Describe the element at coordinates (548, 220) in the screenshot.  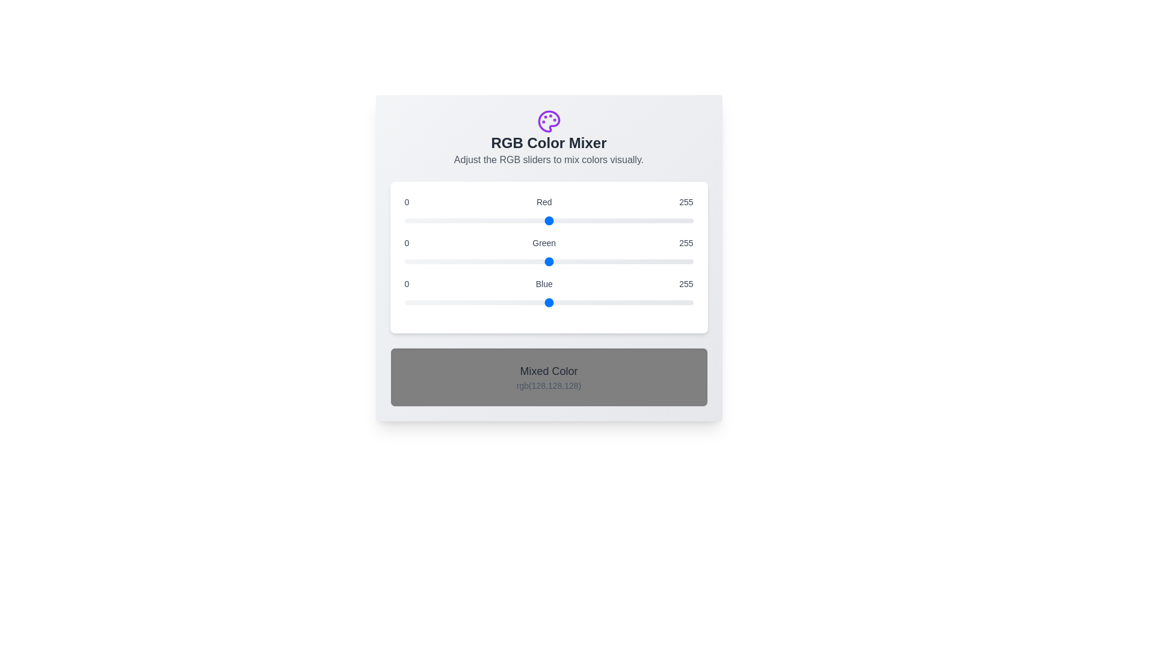
I see `the 0 slider to the value 101 to observe the resulting mixed color` at that location.